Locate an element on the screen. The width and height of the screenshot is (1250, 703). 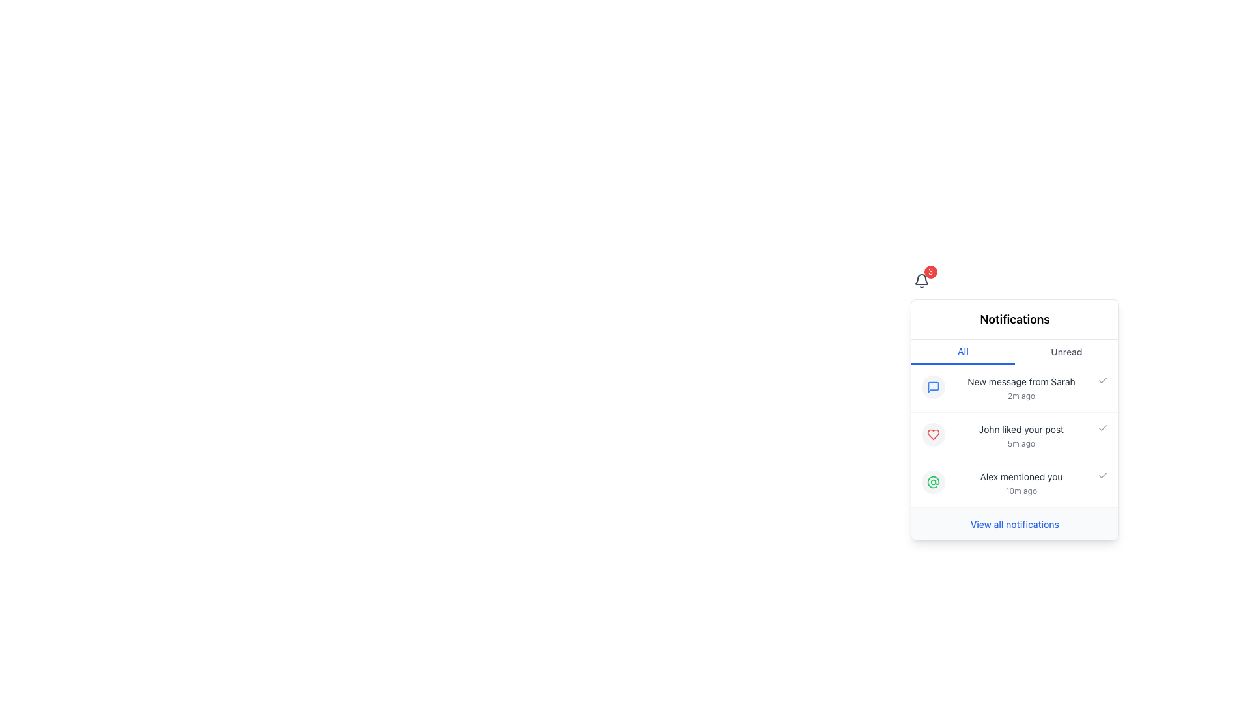
the 'Mark as Read' button located at the right side of the notification titled 'New message from Sarah' is located at coordinates (1102, 381).